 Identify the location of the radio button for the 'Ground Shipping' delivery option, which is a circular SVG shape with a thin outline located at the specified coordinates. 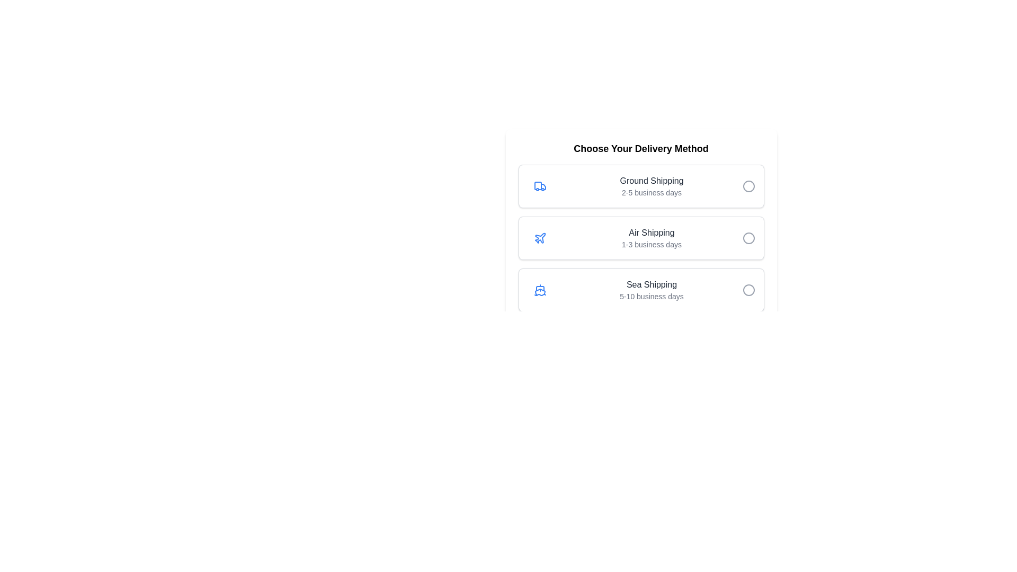
(748, 185).